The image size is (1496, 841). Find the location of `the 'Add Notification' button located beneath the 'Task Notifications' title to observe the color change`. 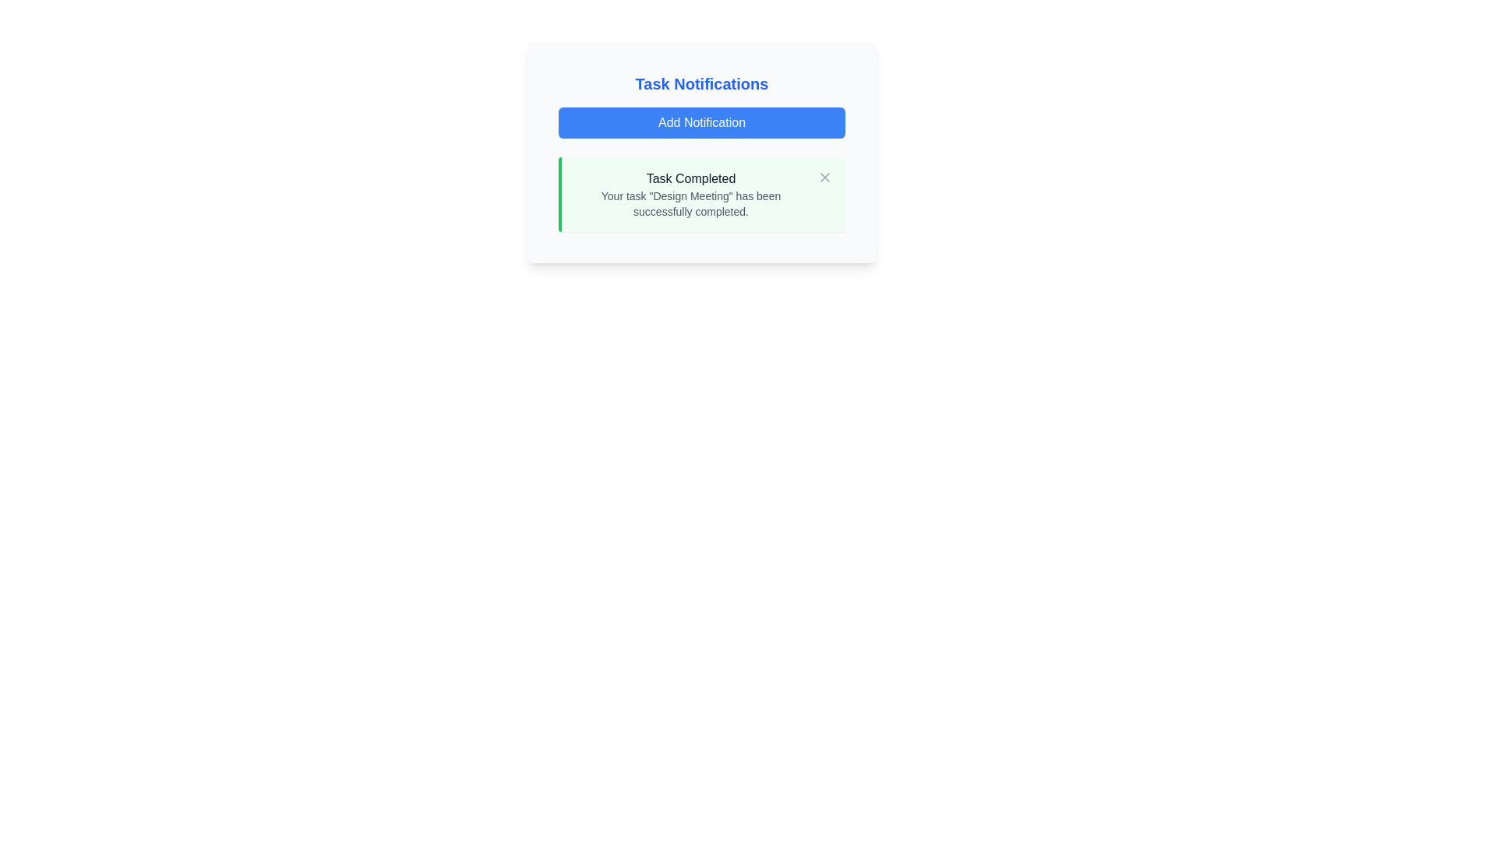

the 'Add Notification' button located beneath the 'Task Notifications' title to observe the color change is located at coordinates (701, 122).